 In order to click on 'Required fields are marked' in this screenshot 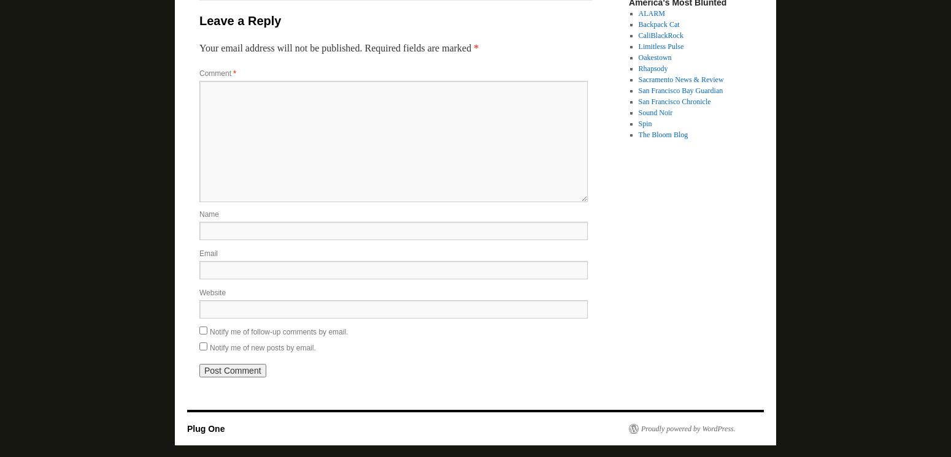, I will do `click(364, 48)`.